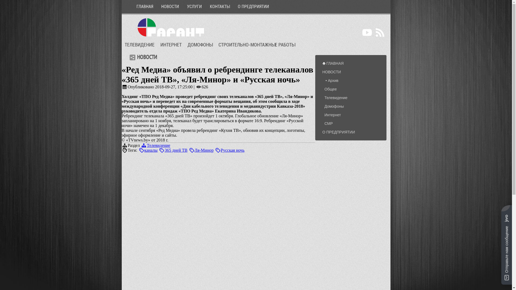 The image size is (516, 290). I want to click on 'RSS Feed', so click(380, 32).